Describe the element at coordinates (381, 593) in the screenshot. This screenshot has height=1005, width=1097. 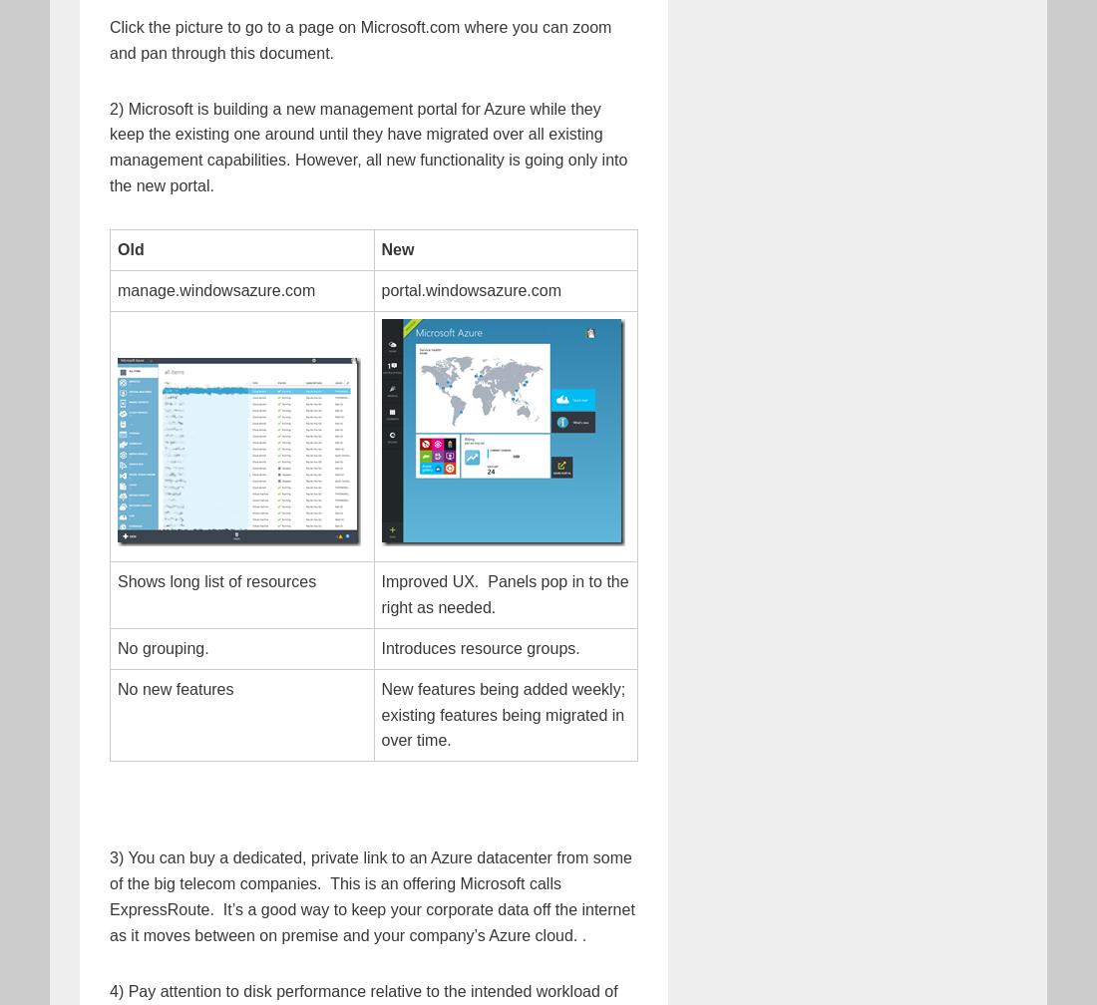
I see `'Improved UX.  Panels pop in to the right as needed.'` at that location.